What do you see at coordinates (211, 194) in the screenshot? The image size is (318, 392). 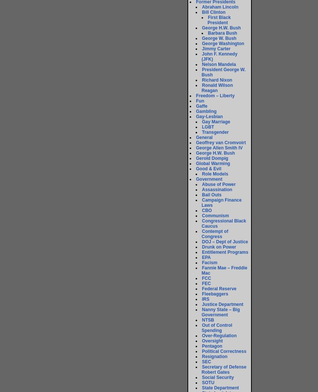 I see `'Bail Outs'` at bounding box center [211, 194].